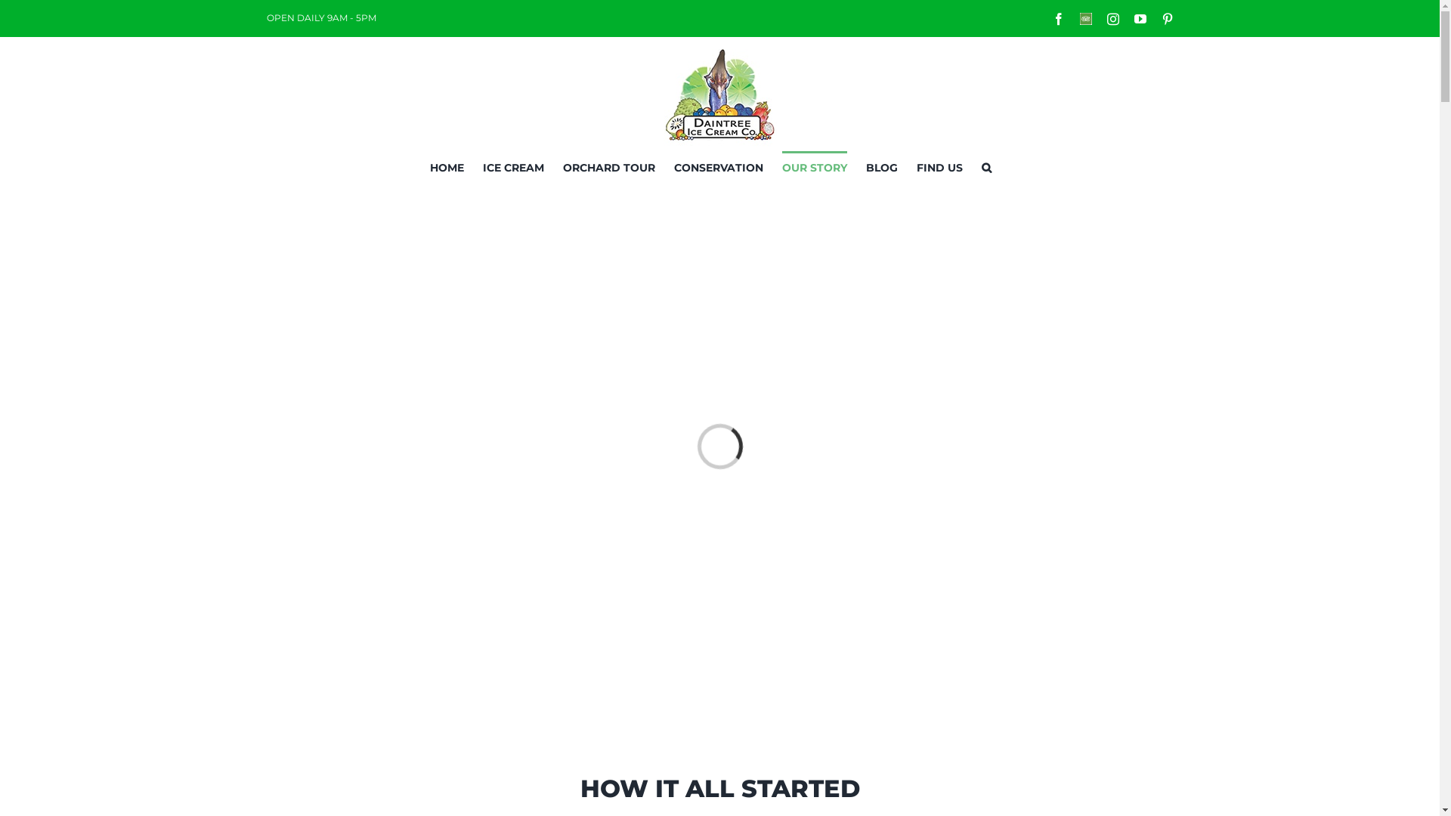 The height and width of the screenshot is (816, 1451). I want to click on 'BLOG', so click(881, 165).